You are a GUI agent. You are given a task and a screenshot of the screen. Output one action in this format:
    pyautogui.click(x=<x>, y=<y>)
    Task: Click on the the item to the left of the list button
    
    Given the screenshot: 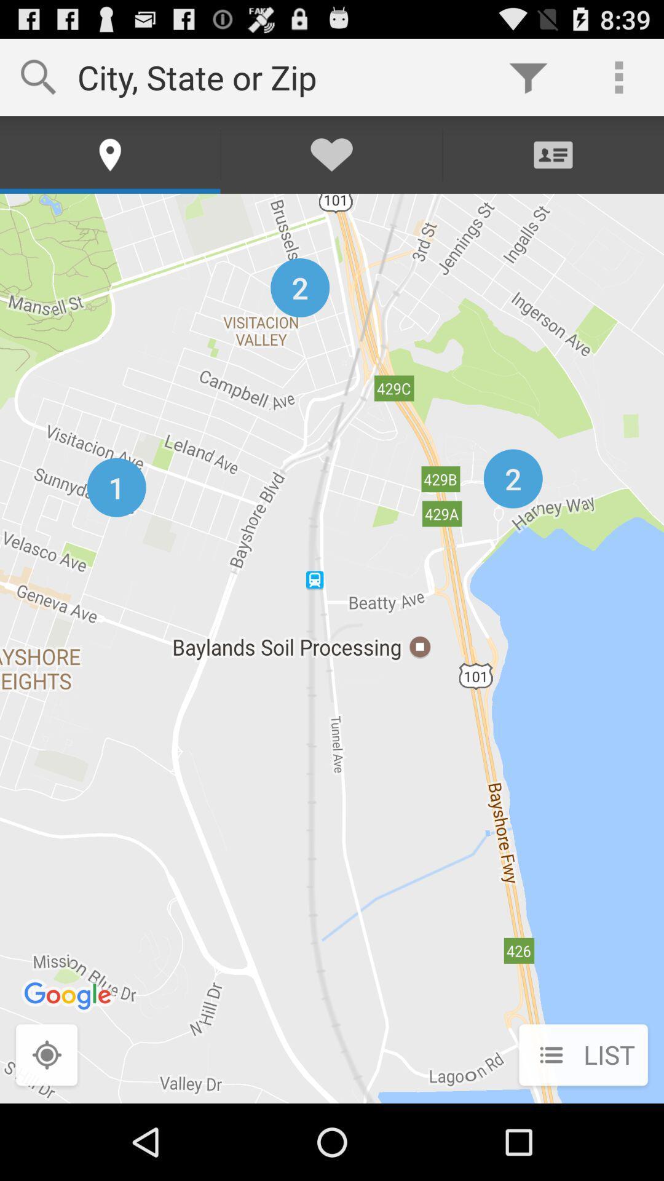 What is the action you would take?
    pyautogui.click(x=46, y=1056)
    